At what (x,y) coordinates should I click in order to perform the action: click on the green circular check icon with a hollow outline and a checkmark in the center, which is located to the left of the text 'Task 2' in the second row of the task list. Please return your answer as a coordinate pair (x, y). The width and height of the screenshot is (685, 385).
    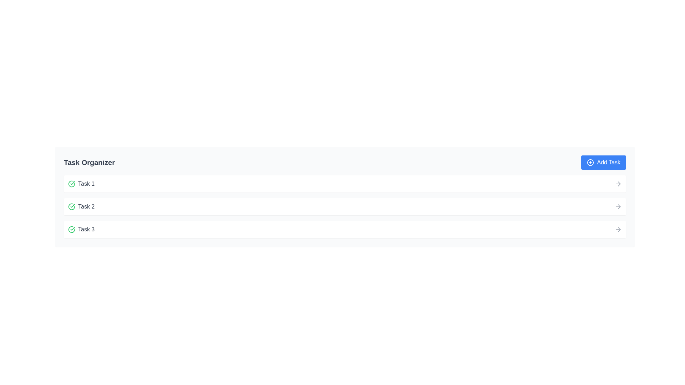
    Looking at the image, I should click on (72, 206).